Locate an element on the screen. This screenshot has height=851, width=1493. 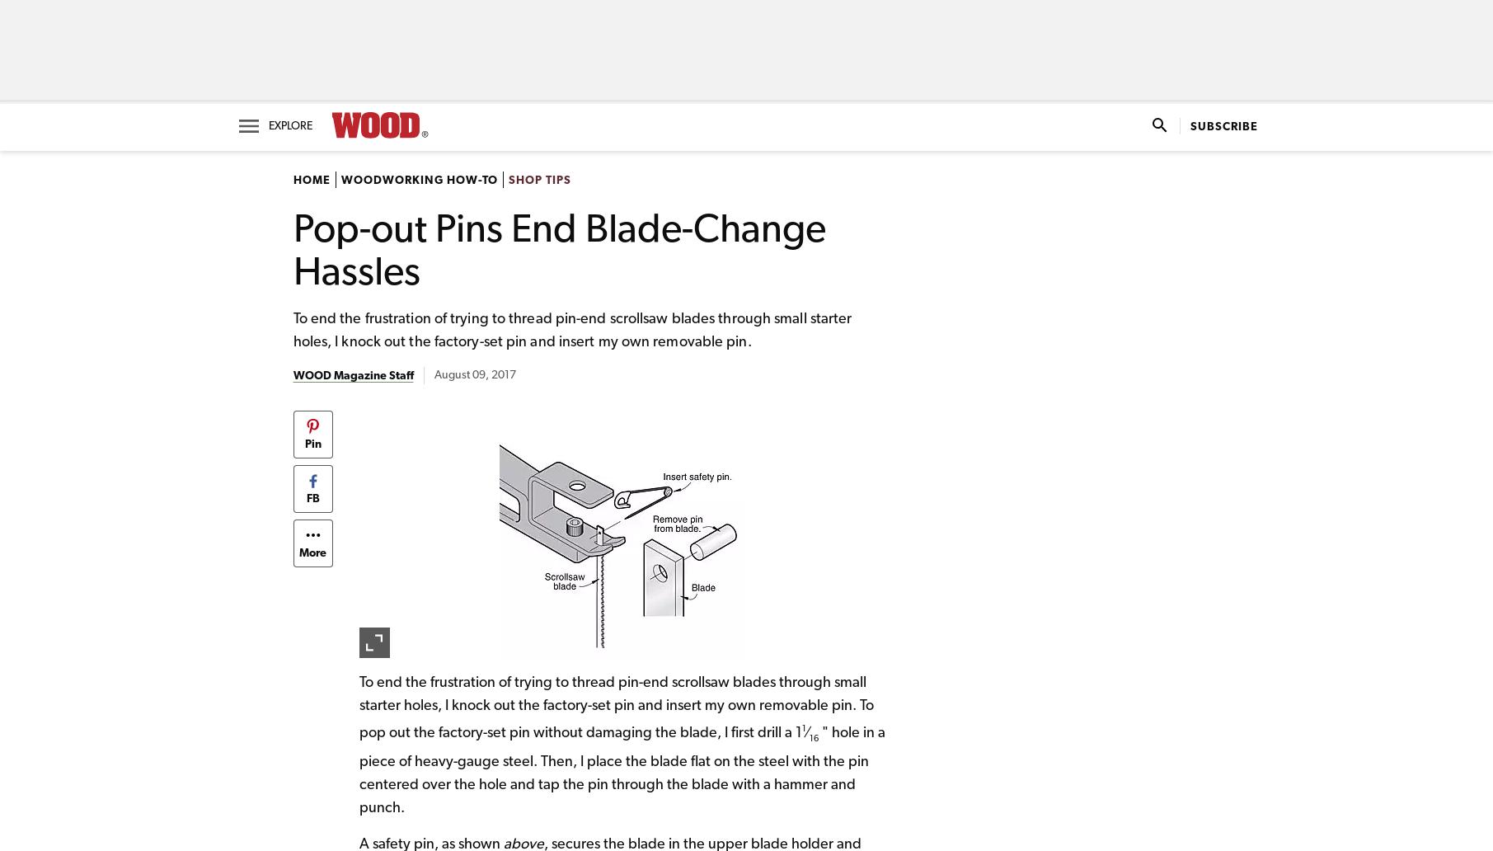
'" hole in a piece of heavy-gauge steel. Then, I place the blade flat on the steel with the pin centered over the hole and tap the pin through the blade with a hammer and punch.' is located at coordinates (620, 769).